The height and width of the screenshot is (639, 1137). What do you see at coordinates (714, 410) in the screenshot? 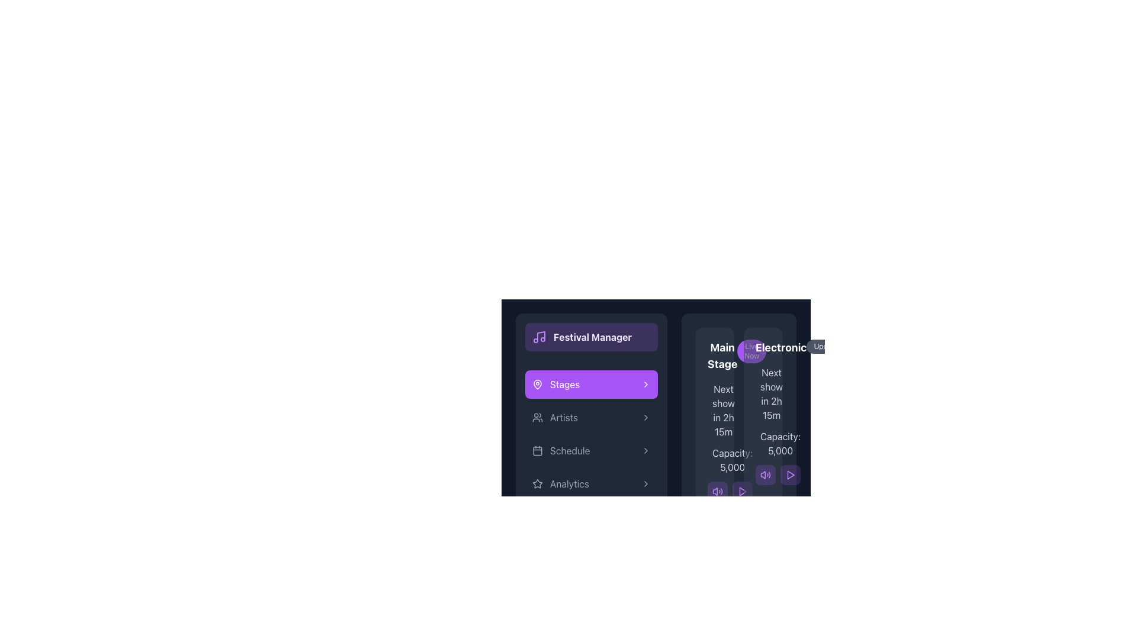
I see `the Text Label that displays the time remaining until the next show, located in the center-right section of the UI layout` at bounding box center [714, 410].